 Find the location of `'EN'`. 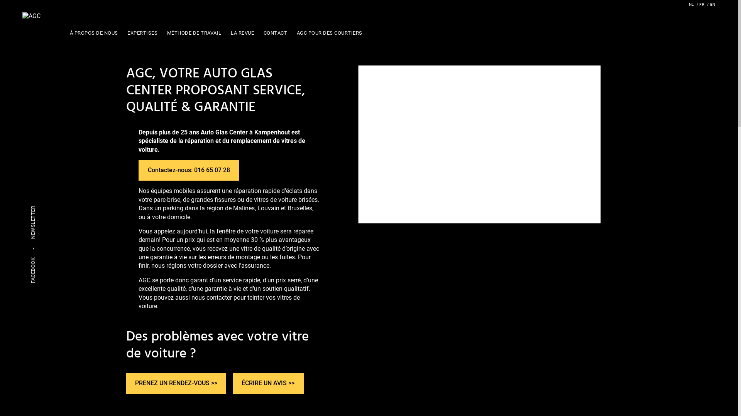

'EN' is located at coordinates (711, 4).